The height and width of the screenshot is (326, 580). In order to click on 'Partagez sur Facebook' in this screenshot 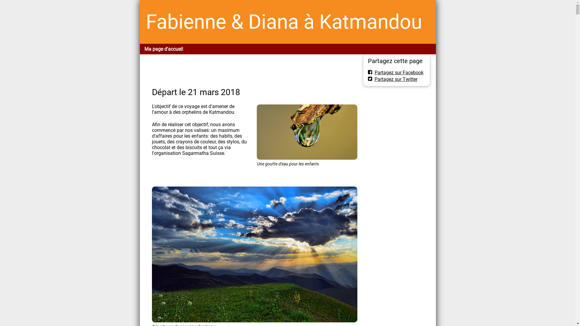, I will do `click(396, 72)`.